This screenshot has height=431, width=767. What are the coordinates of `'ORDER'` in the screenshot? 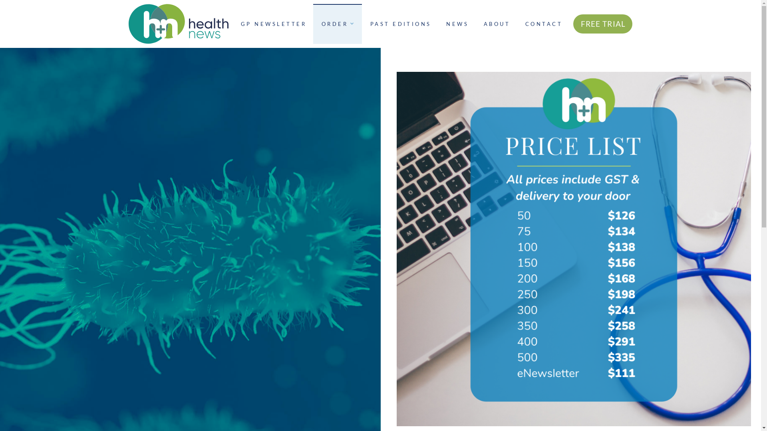 It's located at (337, 24).